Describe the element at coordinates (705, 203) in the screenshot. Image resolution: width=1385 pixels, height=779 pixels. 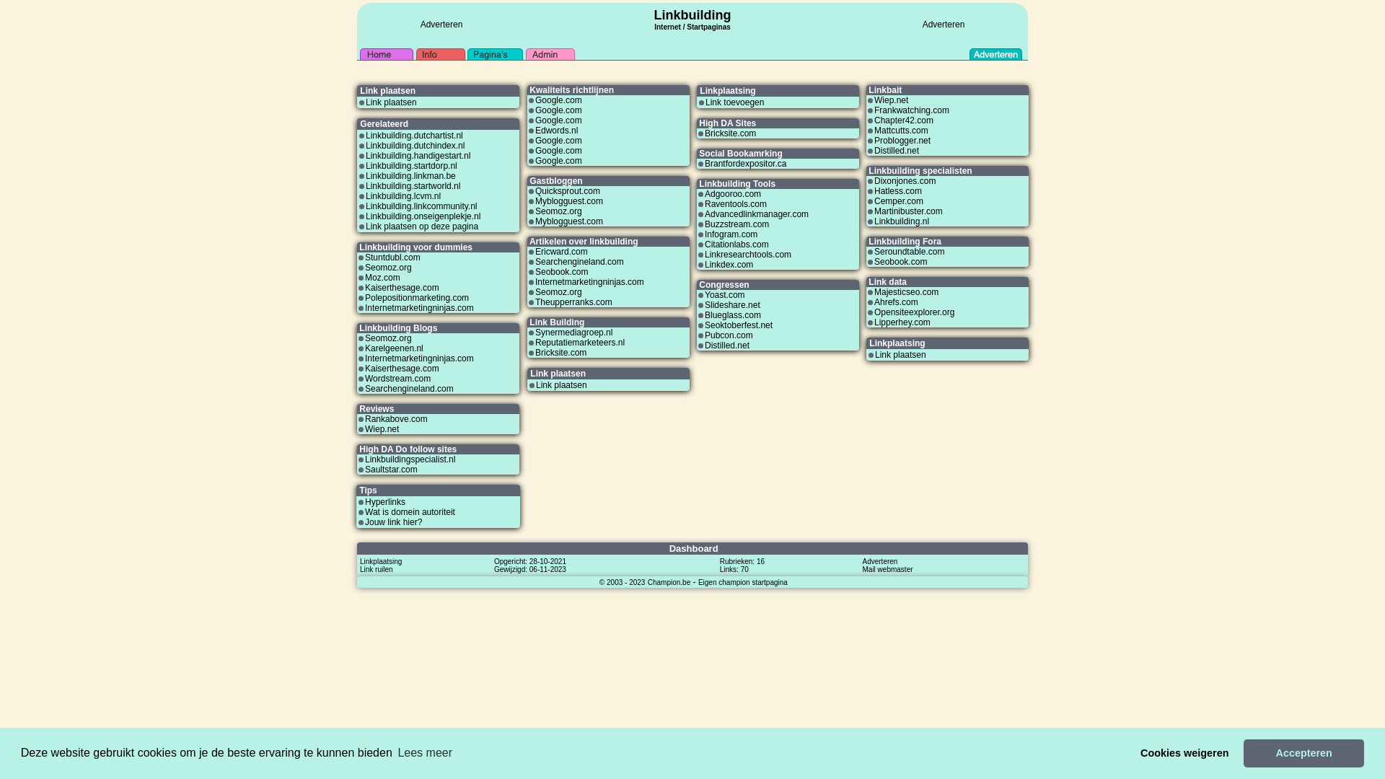
I see `'Raventools.com'` at that location.